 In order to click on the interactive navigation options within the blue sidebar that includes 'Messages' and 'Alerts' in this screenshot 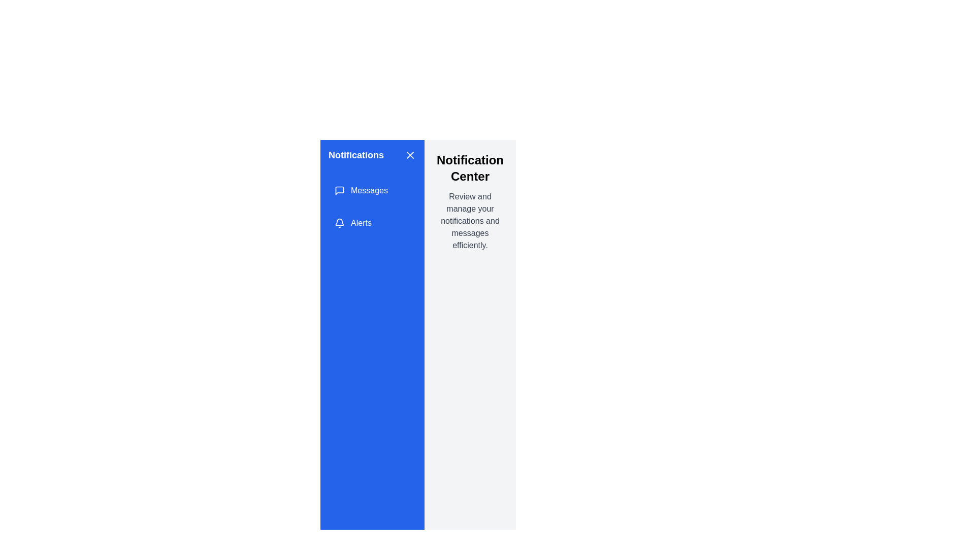, I will do `click(372, 207)`.